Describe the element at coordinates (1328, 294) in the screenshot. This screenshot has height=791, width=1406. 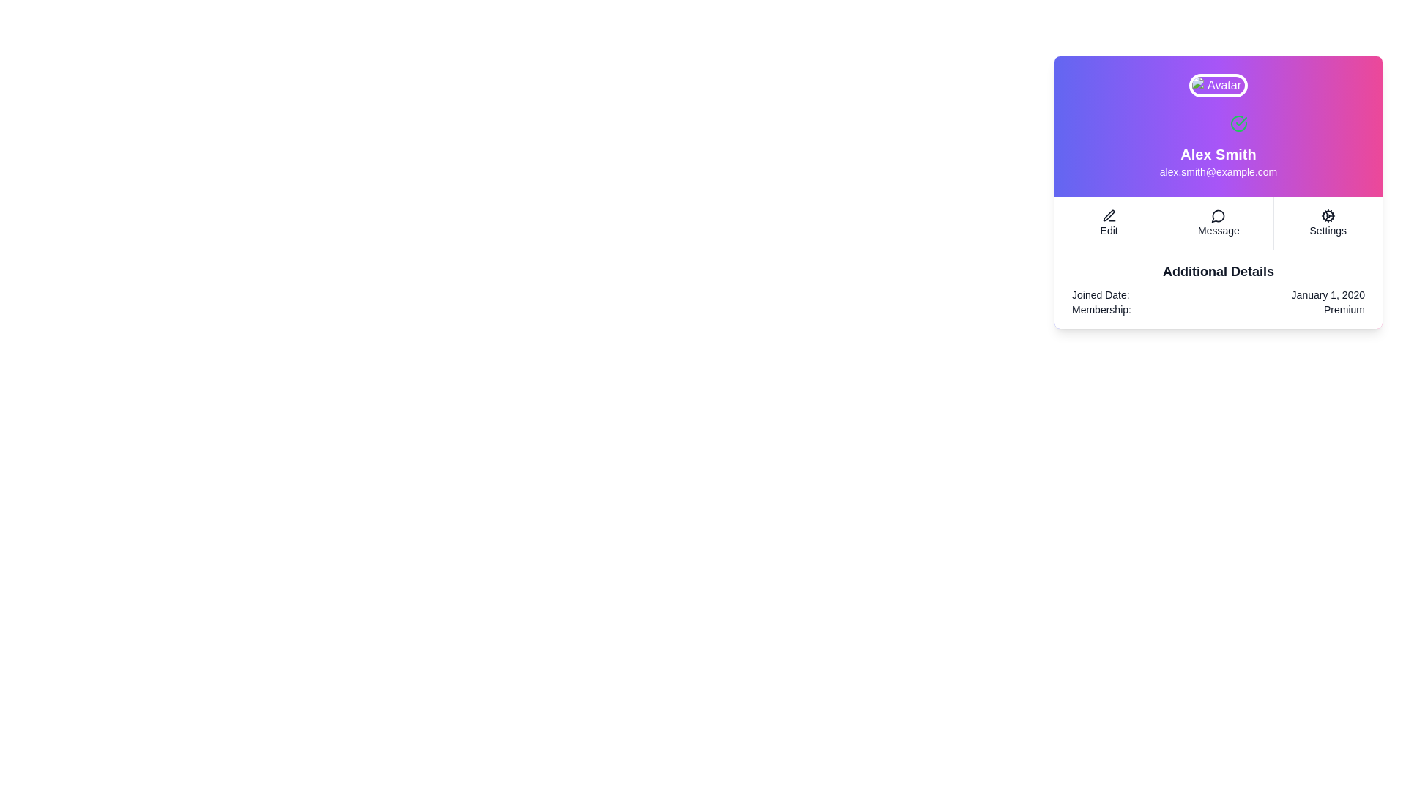
I see `the static text displaying the date value corresponding to when the user joined, located in the bottom-right section of the card interface, aligned with the label 'Joined Date:'` at that location.